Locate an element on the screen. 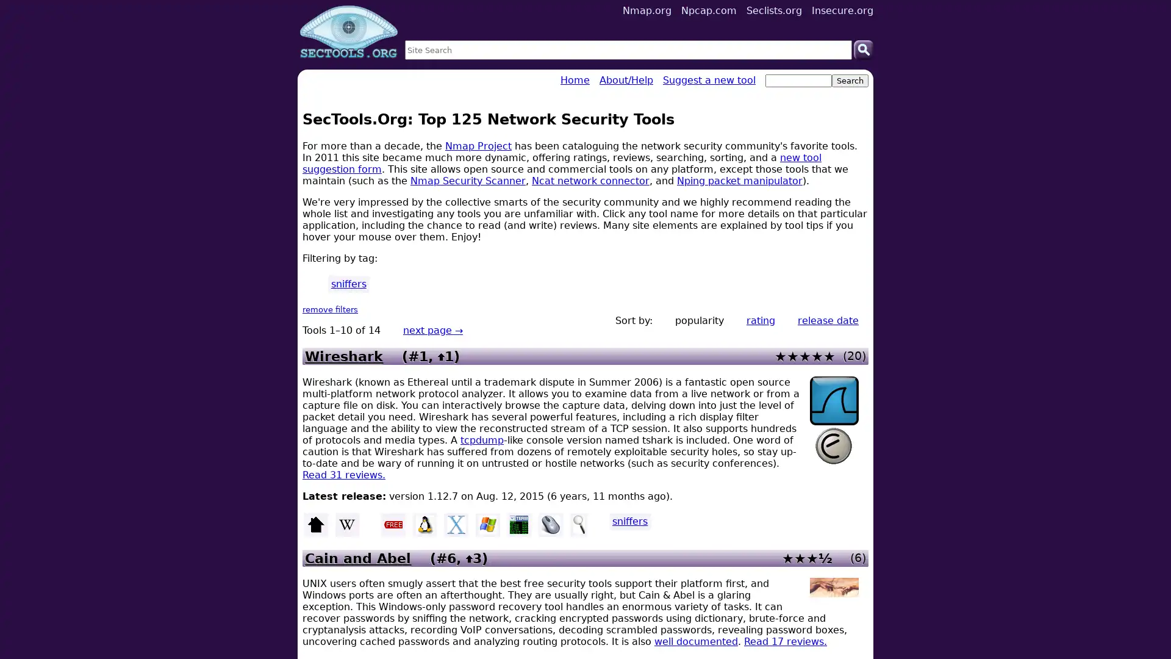 This screenshot has height=659, width=1171. Search is located at coordinates (849, 81).